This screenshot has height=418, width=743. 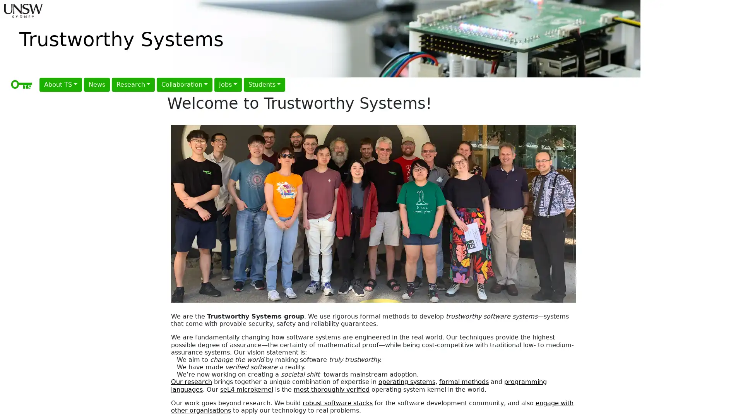 I want to click on Jobs, so click(x=228, y=84).